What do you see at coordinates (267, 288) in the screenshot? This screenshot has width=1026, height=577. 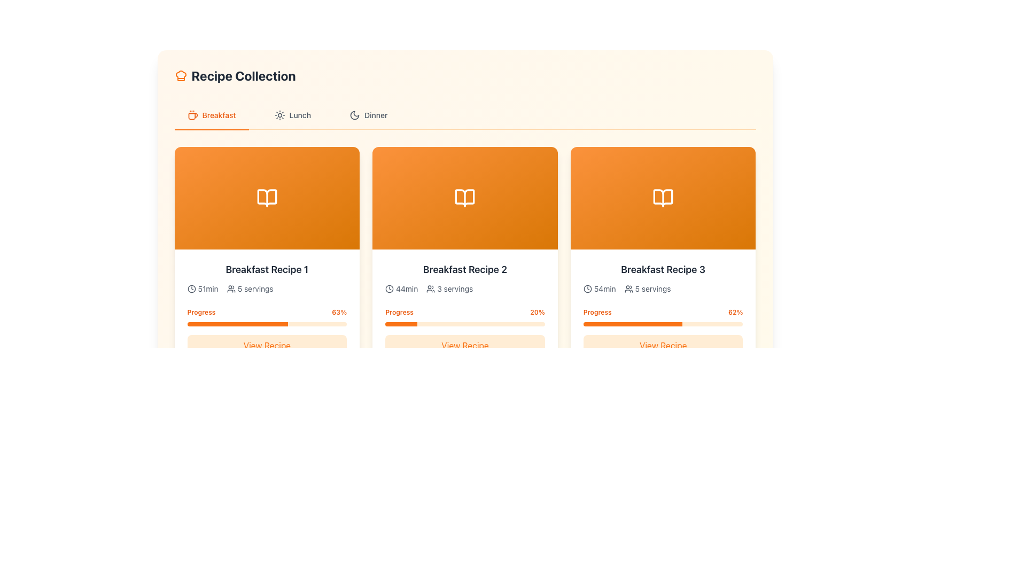 I see `metadata label displaying the preparation time and number of servings for the recipe, located below the title 'Breakfast Recipe 1'` at bounding box center [267, 288].